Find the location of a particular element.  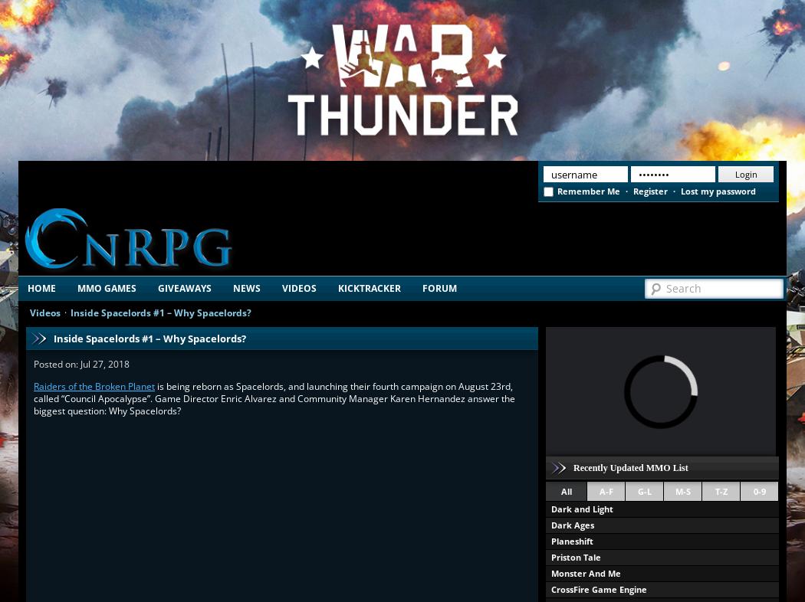

'is being reborn as Spacelords, and launching their fourth campaign on August 23rd, called “Council Apocalypse”. Game Director Enric Alvarez and Community Manager Karen Hernandez answer the biggest question: Why Spacelords?' is located at coordinates (274, 398).